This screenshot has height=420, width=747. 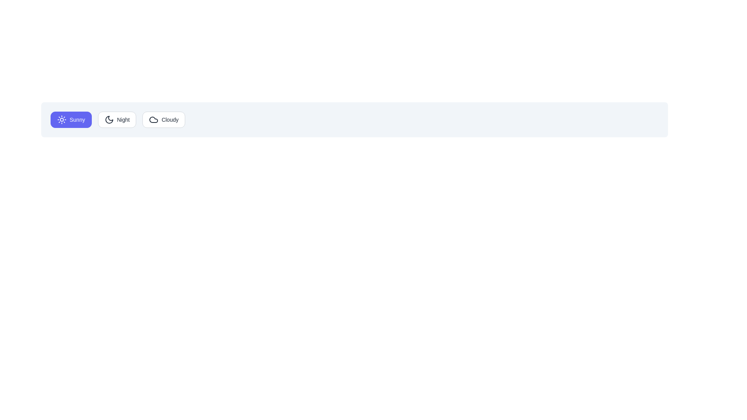 I want to click on the Cloudy button to observe its hover state, so click(x=163, y=120).